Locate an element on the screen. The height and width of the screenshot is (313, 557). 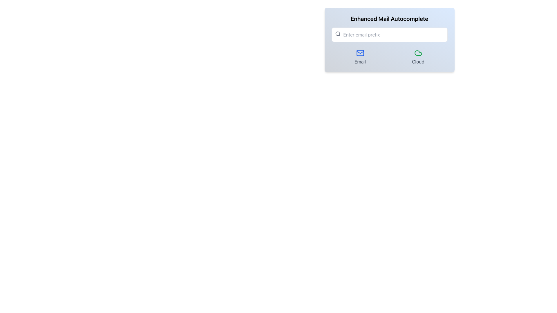
the graphical rectangle element that forms the body of the envelope icon, which is part of the 'Email' action category, located beneath the 'Enhanced Mail Autocomplete' text input is located at coordinates (360, 53).